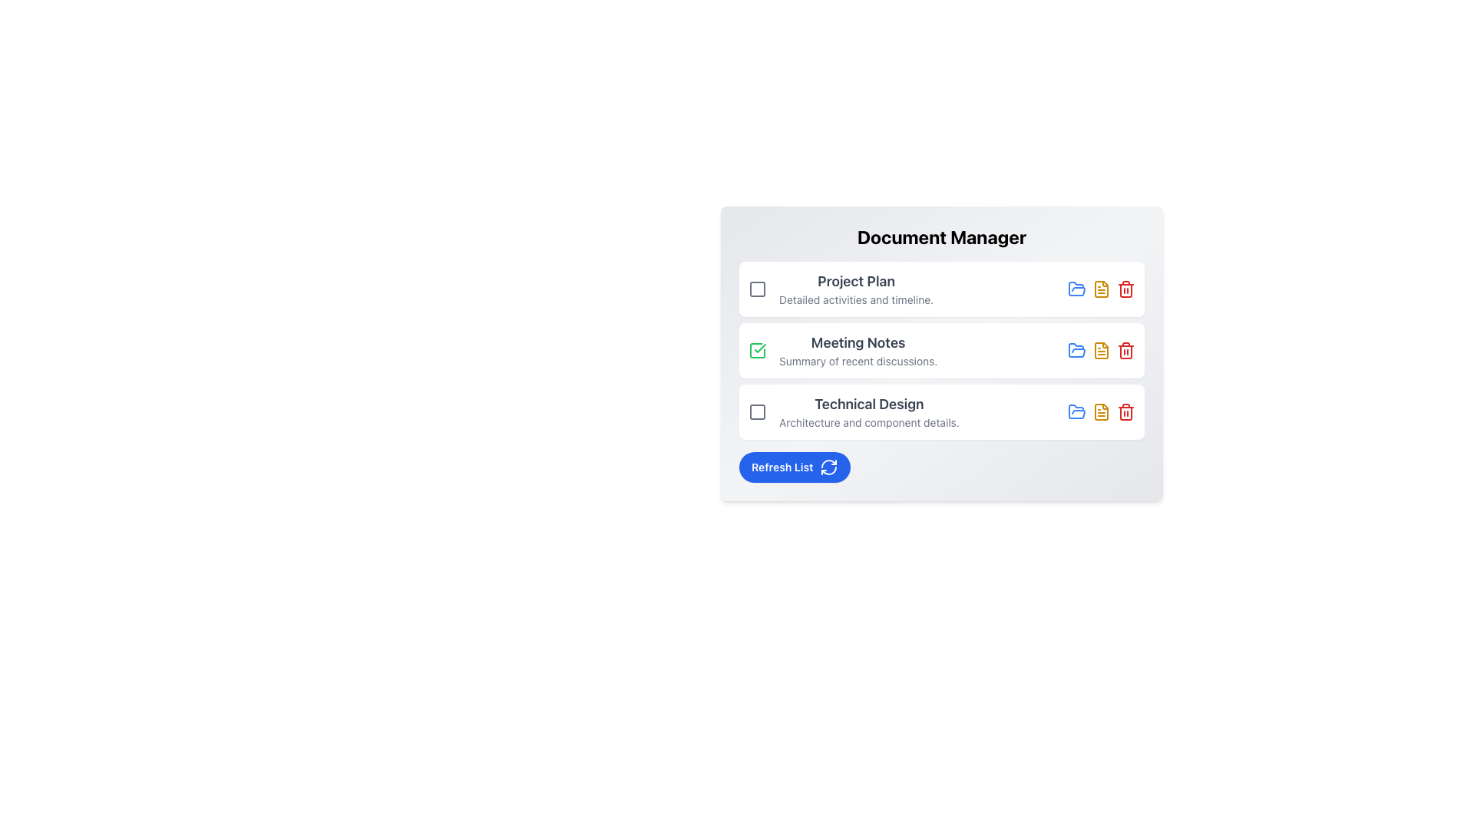 This screenshot has width=1474, height=829. What do you see at coordinates (758, 289) in the screenshot?
I see `the Icon located at the start of the first entry in the 'Project Plan' list within the 'Document Manager' interface, which serves as a visual indicator for the item type or status` at bounding box center [758, 289].